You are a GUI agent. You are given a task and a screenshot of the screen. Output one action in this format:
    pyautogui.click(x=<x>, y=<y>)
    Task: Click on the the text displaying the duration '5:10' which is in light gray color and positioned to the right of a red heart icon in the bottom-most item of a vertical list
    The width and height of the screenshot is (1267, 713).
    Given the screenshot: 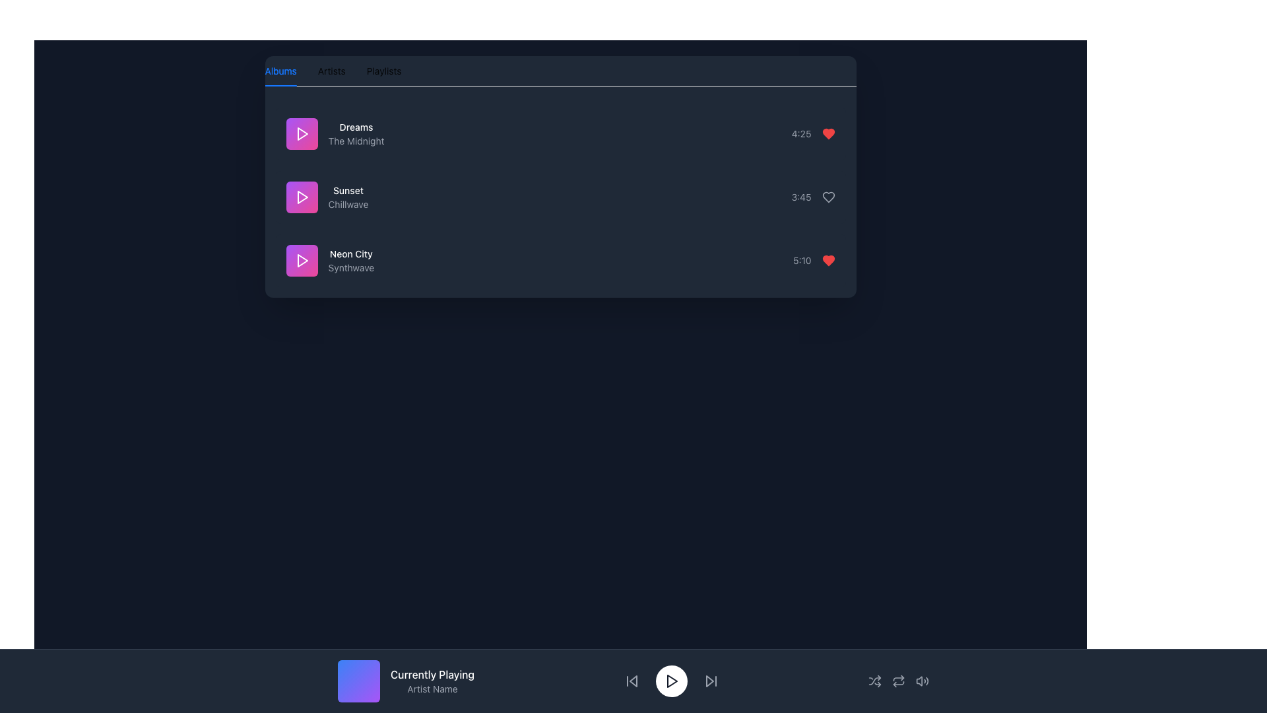 What is the action you would take?
    pyautogui.click(x=813, y=260)
    